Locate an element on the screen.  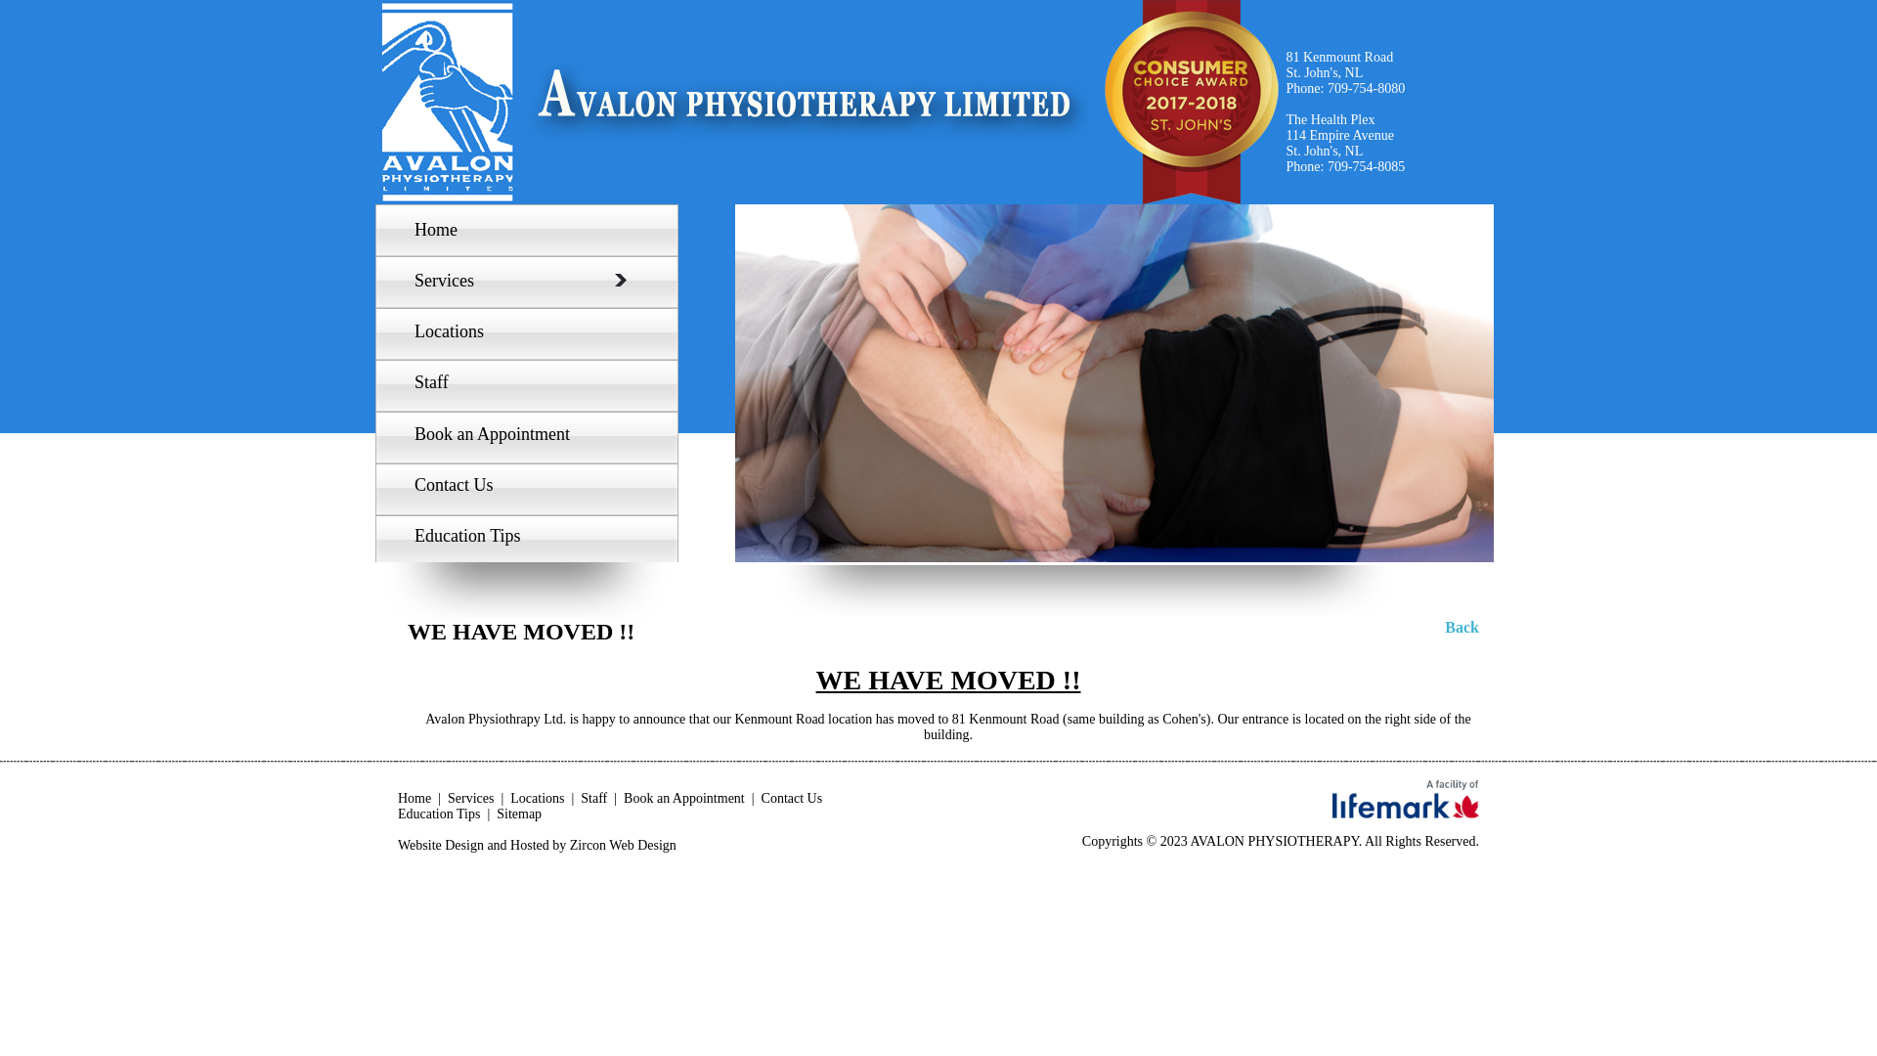
'Back' is located at coordinates (1462, 627).